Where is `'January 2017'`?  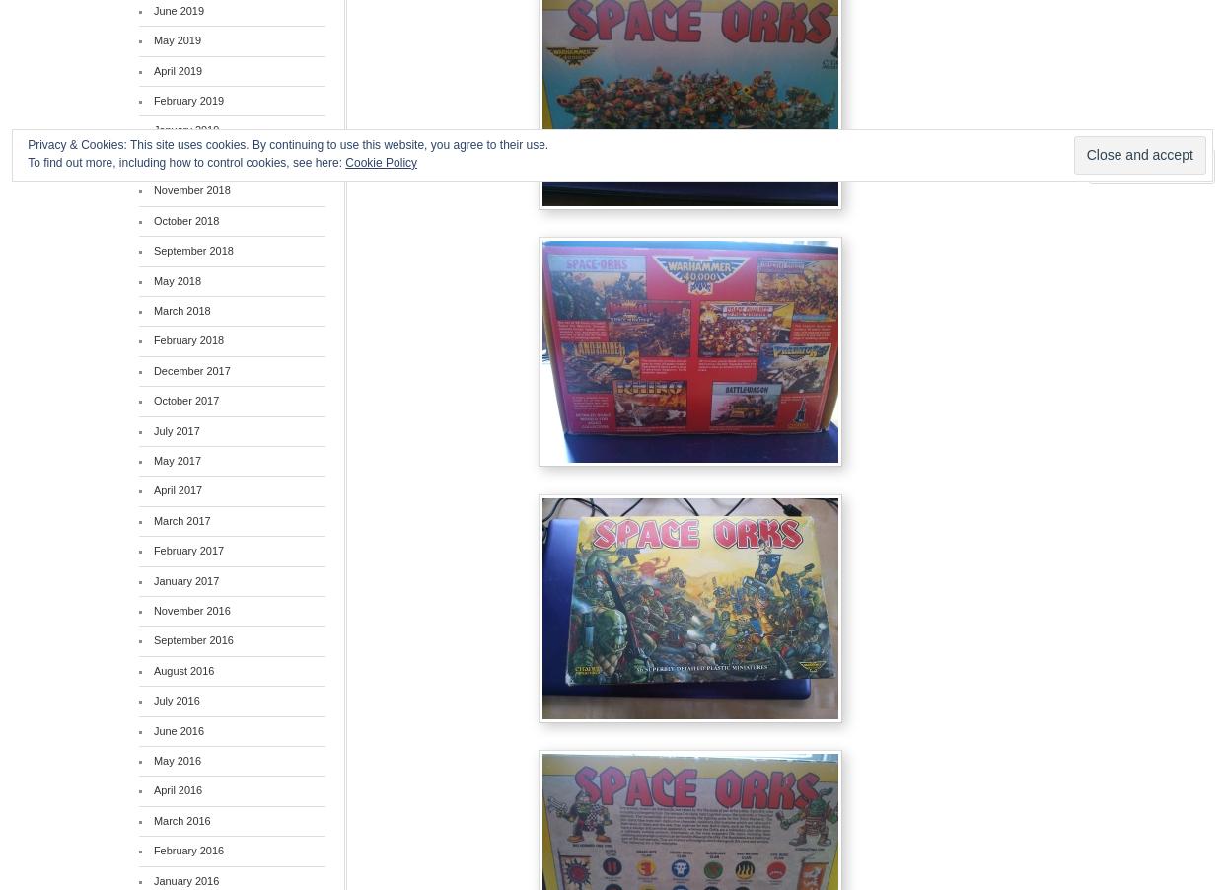
'January 2017' is located at coordinates (185, 580).